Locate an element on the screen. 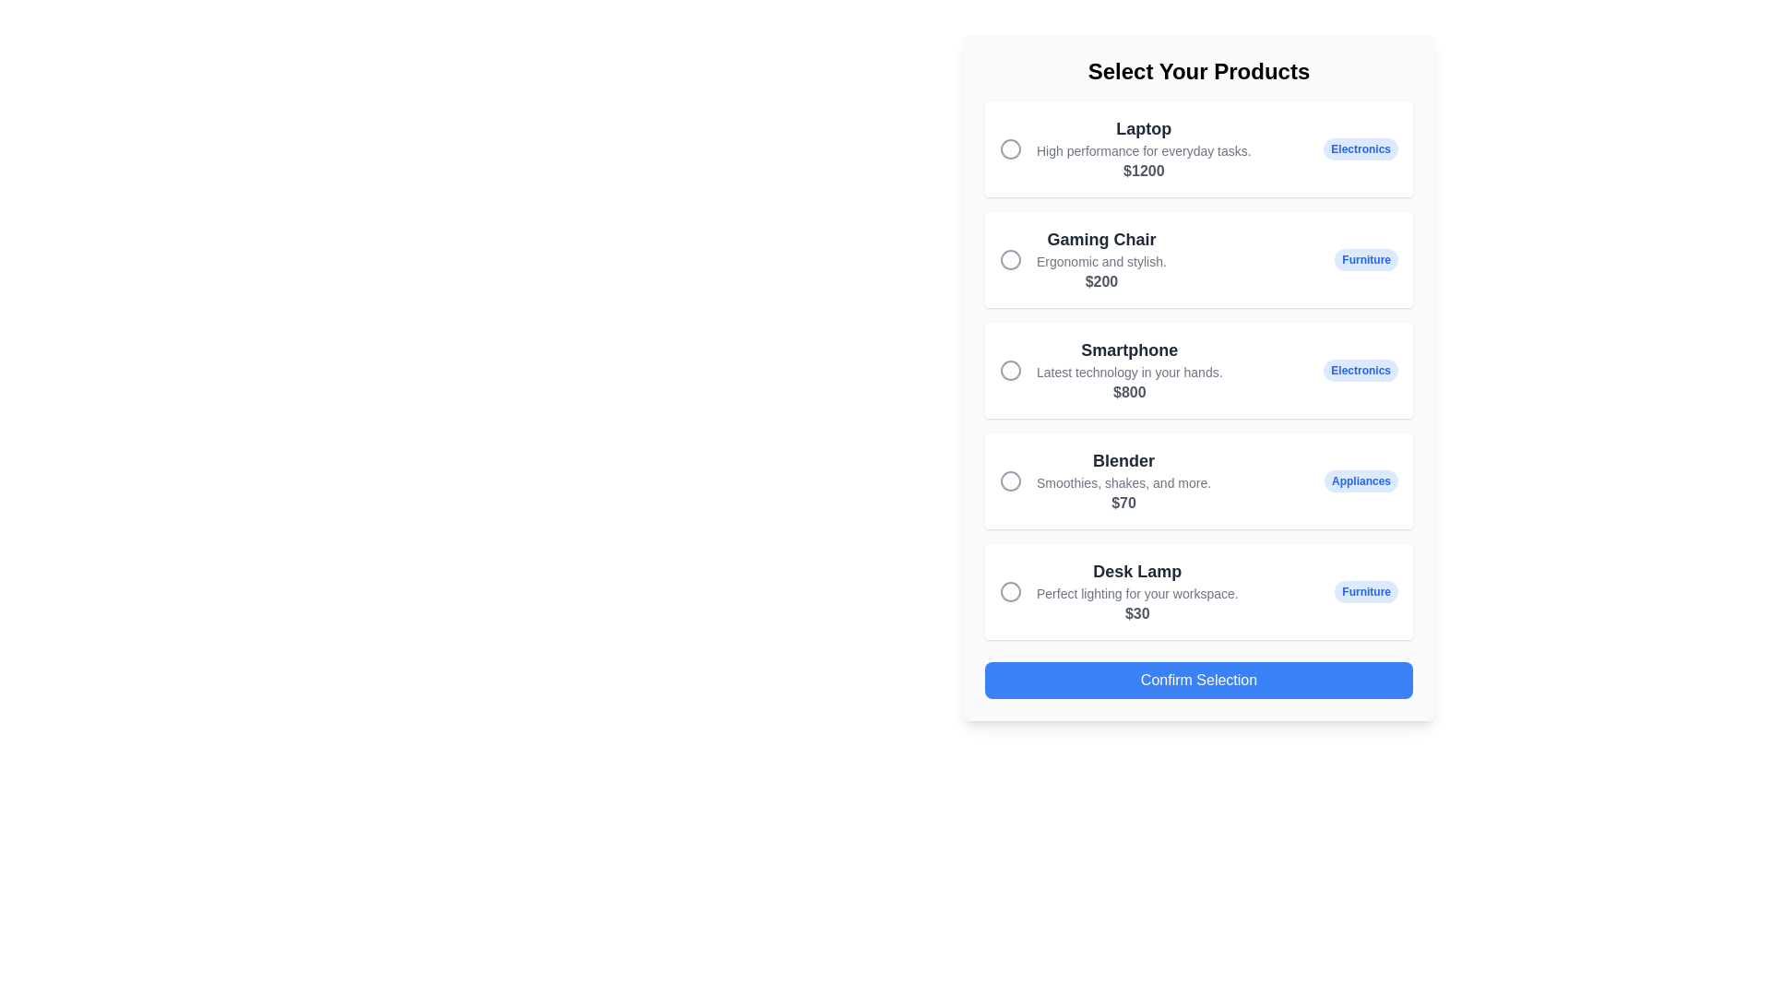 This screenshot has height=996, width=1771. the selectable list item for the 'Blender' product, which is the fourth item in the list, positioned between 'Smartphone' and 'Desk Lamp' is located at coordinates (1199, 480).